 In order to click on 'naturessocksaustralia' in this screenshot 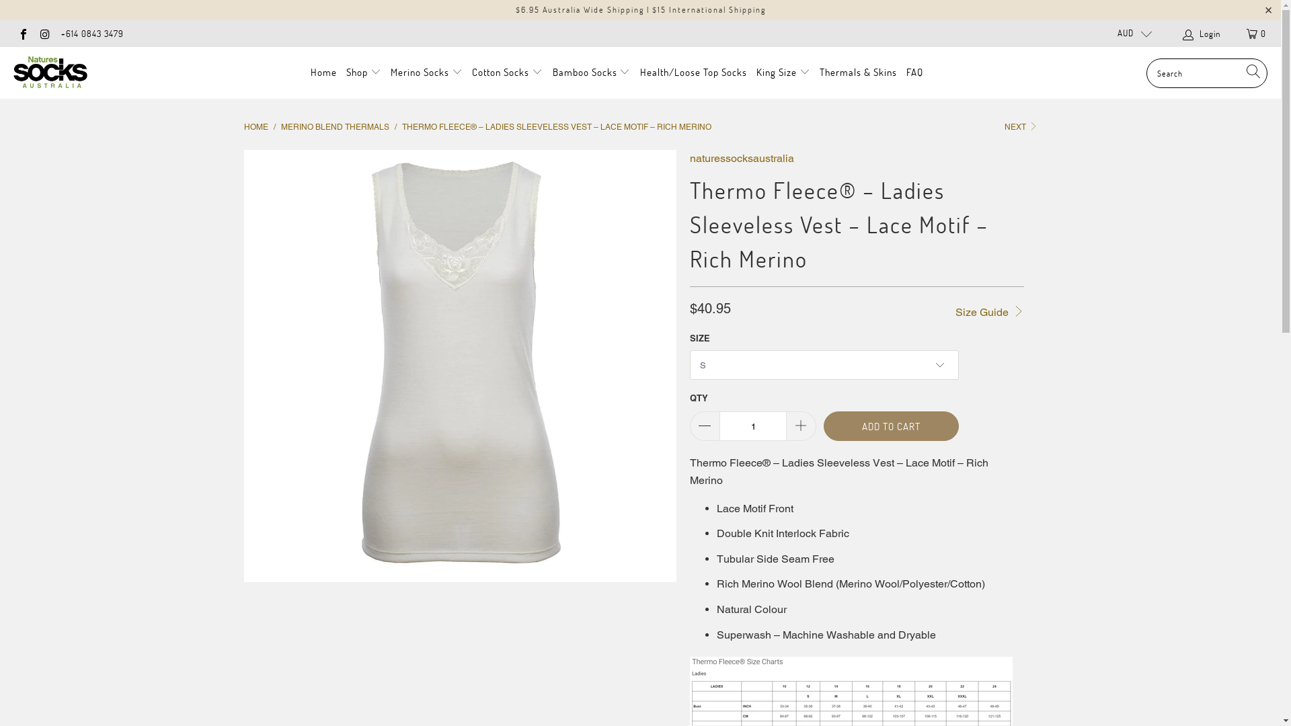, I will do `click(50, 73)`.